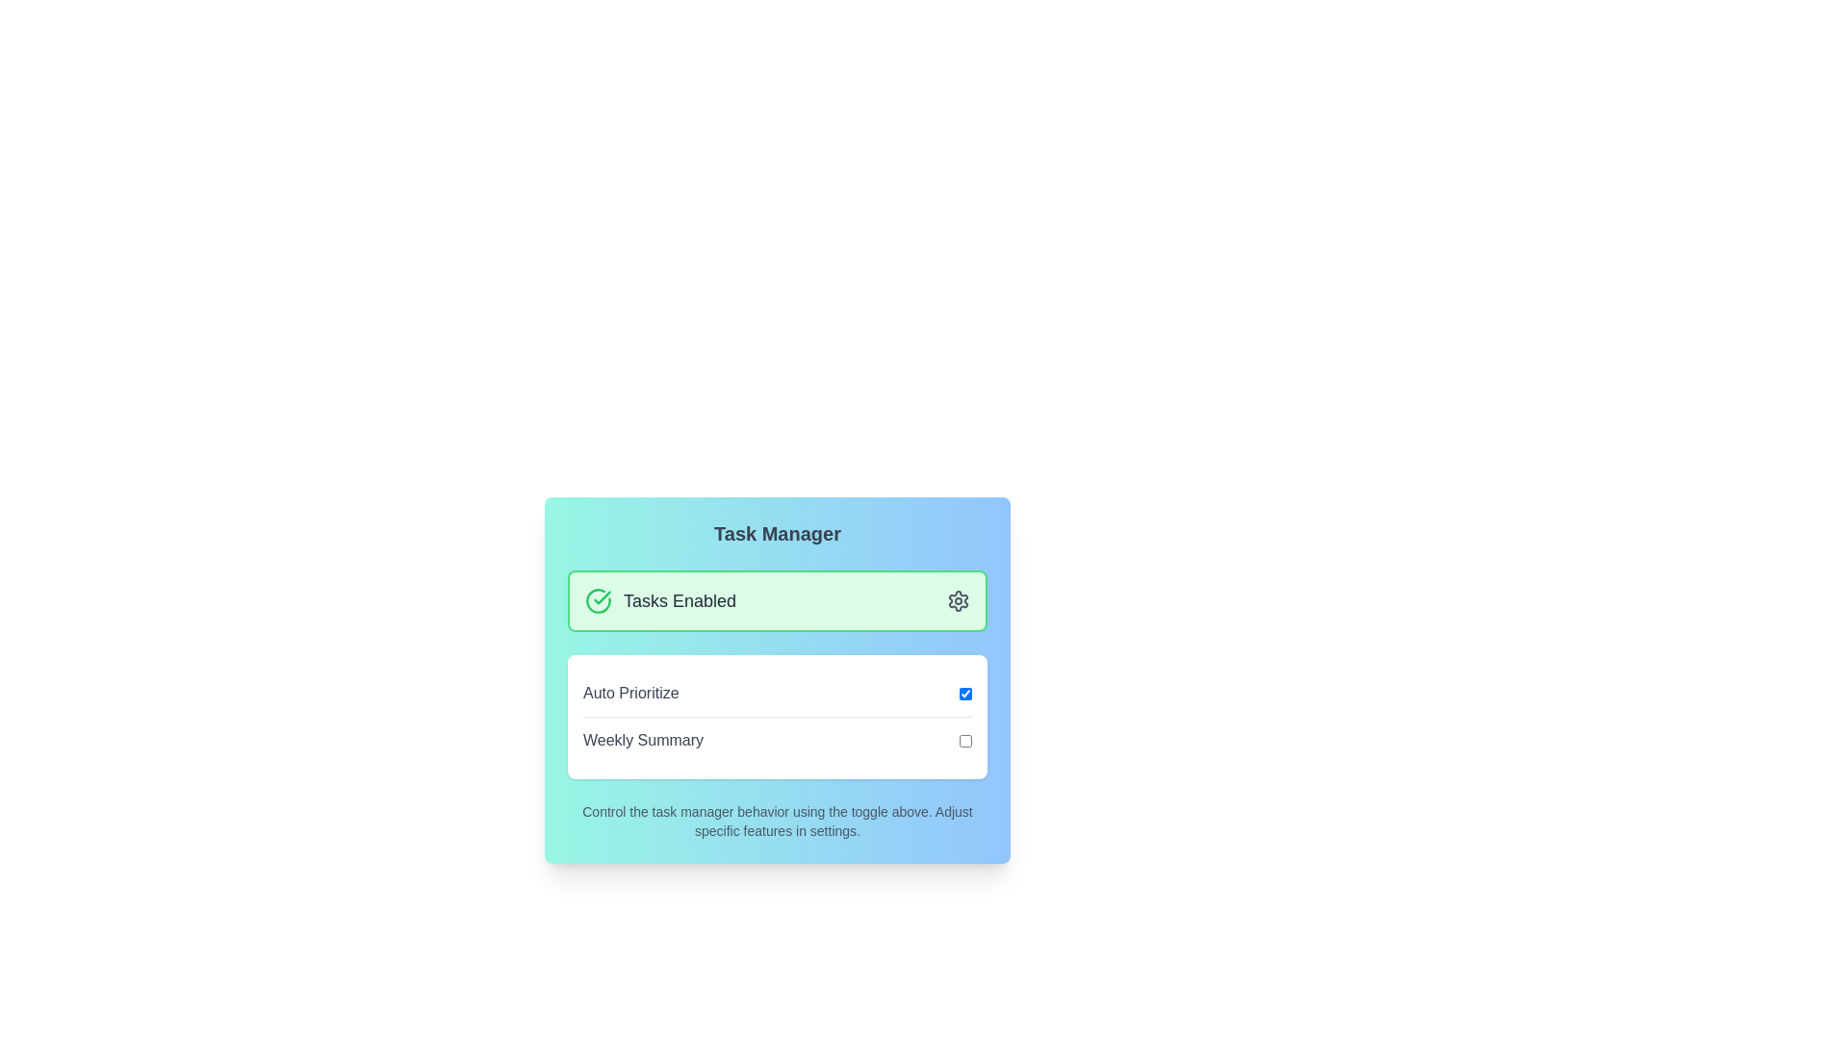 The height and width of the screenshot is (1039, 1848). Describe the element at coordinates (777, 821) in the screenshot. I see `the static text element that contains the message 'Control the task manager behavior using the toggle above. Adjust specific features in settings.' located at the bottom section of the 'Task Manager' card` at that location.